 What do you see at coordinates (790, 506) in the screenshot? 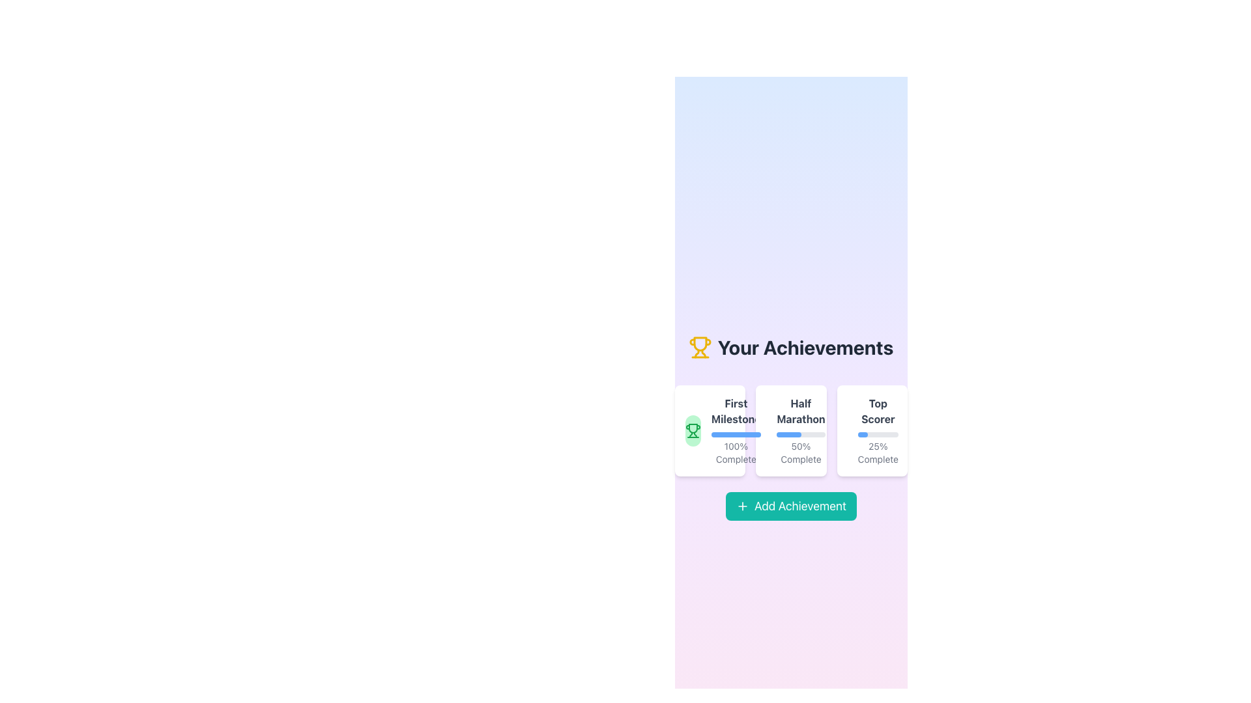
I see `the button located at the bottom of the 'Your Achievements' section` at bounding box center [790, 506].